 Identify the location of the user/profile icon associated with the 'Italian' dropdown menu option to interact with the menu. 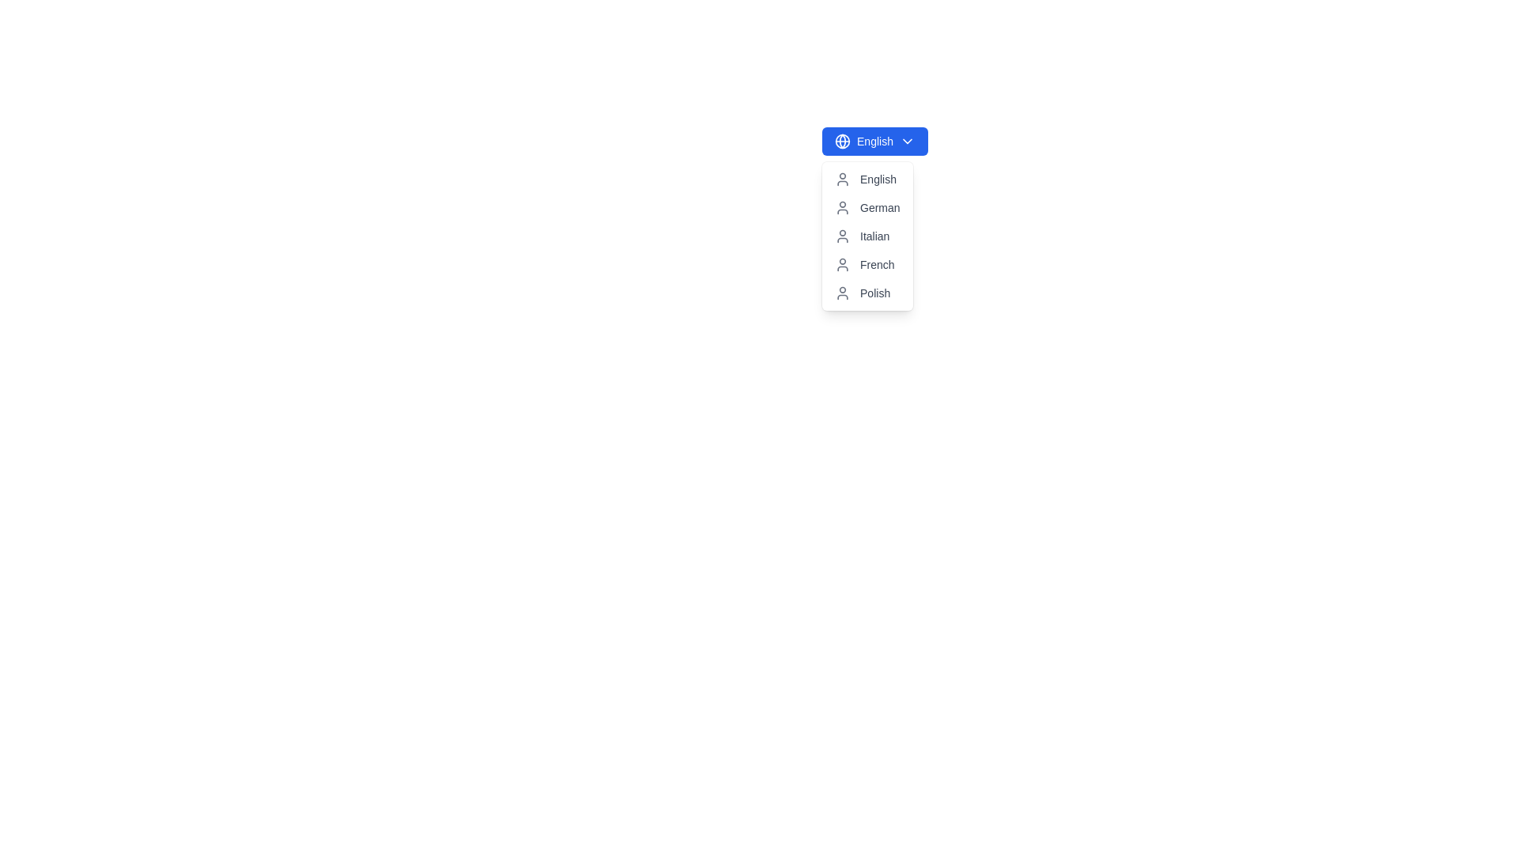
(841, 236).